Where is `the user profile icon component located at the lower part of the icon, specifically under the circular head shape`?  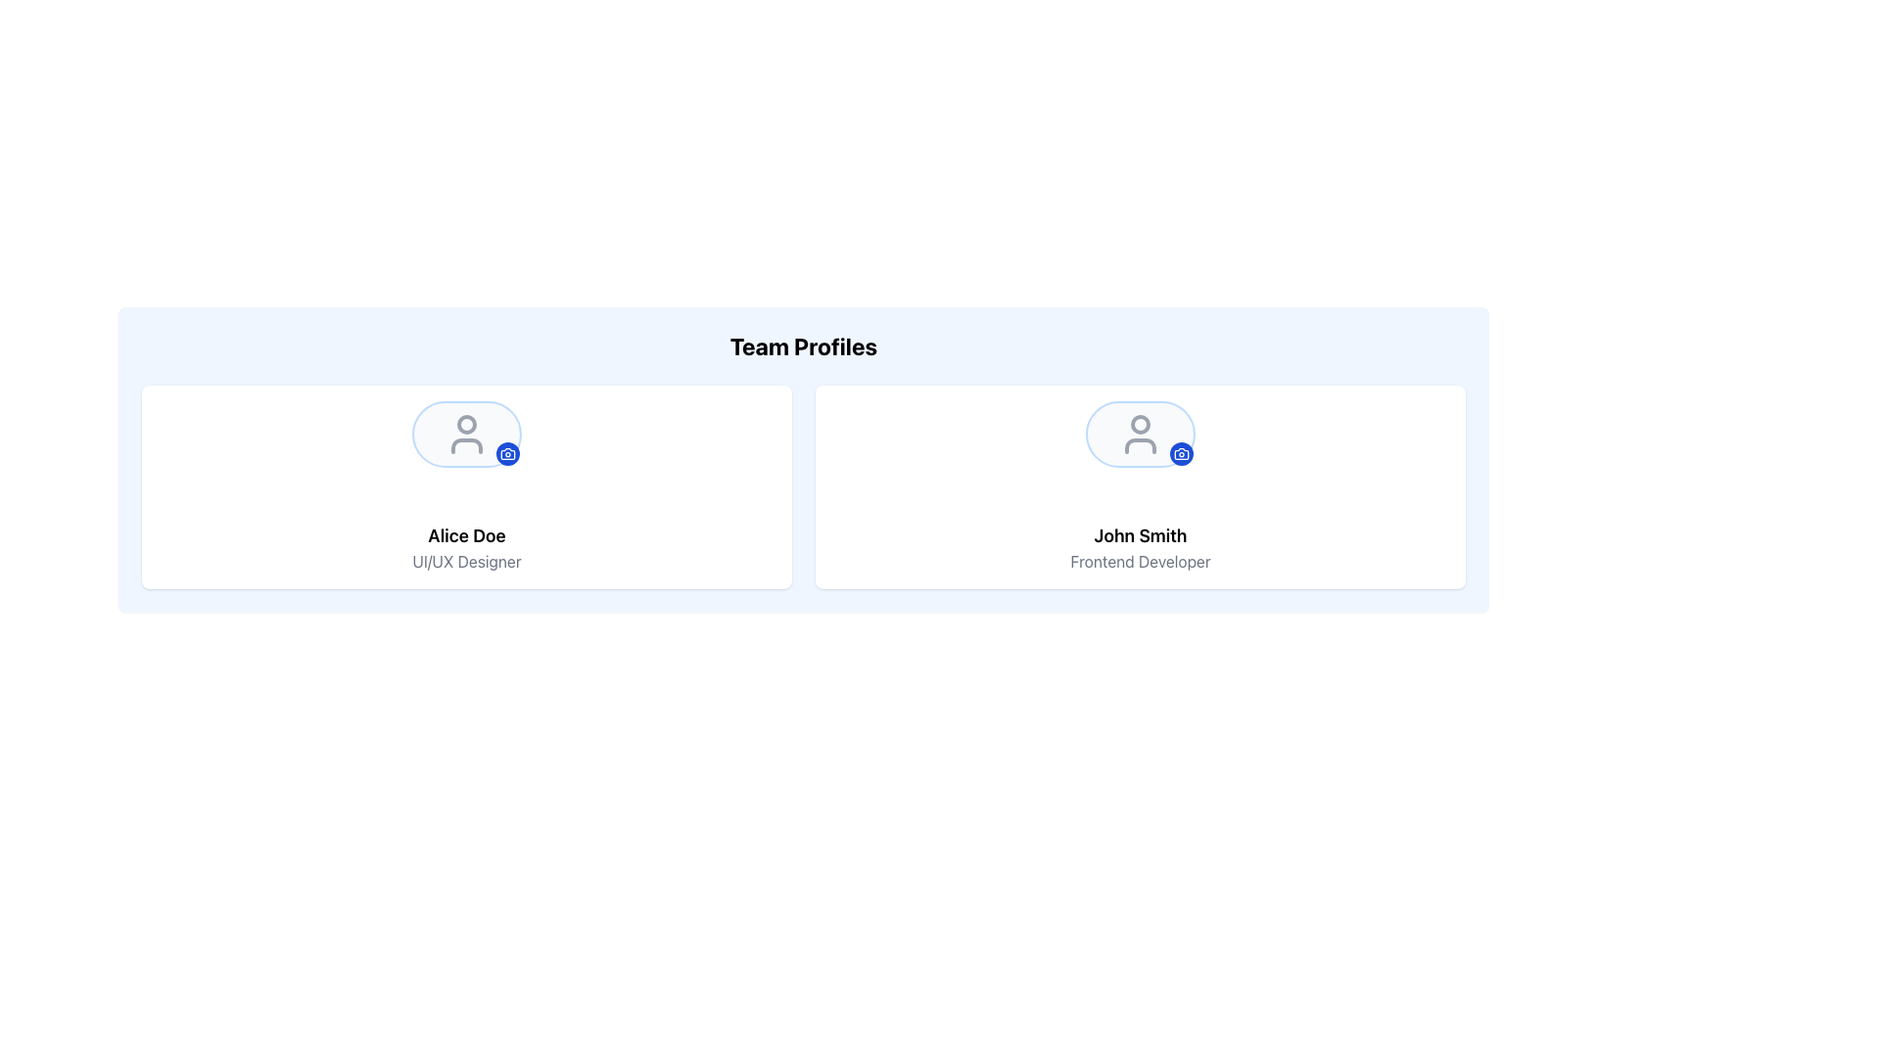
the user profile icon component located at the lower part of the icon, specifically under the circular head shape is located at coordinates (465, 445).